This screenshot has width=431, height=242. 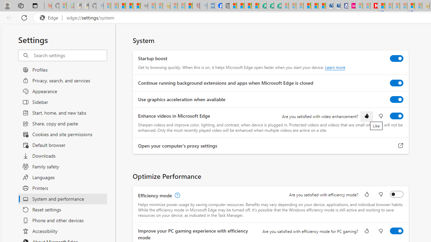 What do you see at coordinates (351, 6) in the screenshot?
I see `'Jobs - lastminute.com Investor Portal'` at bounding box center [351, 6].